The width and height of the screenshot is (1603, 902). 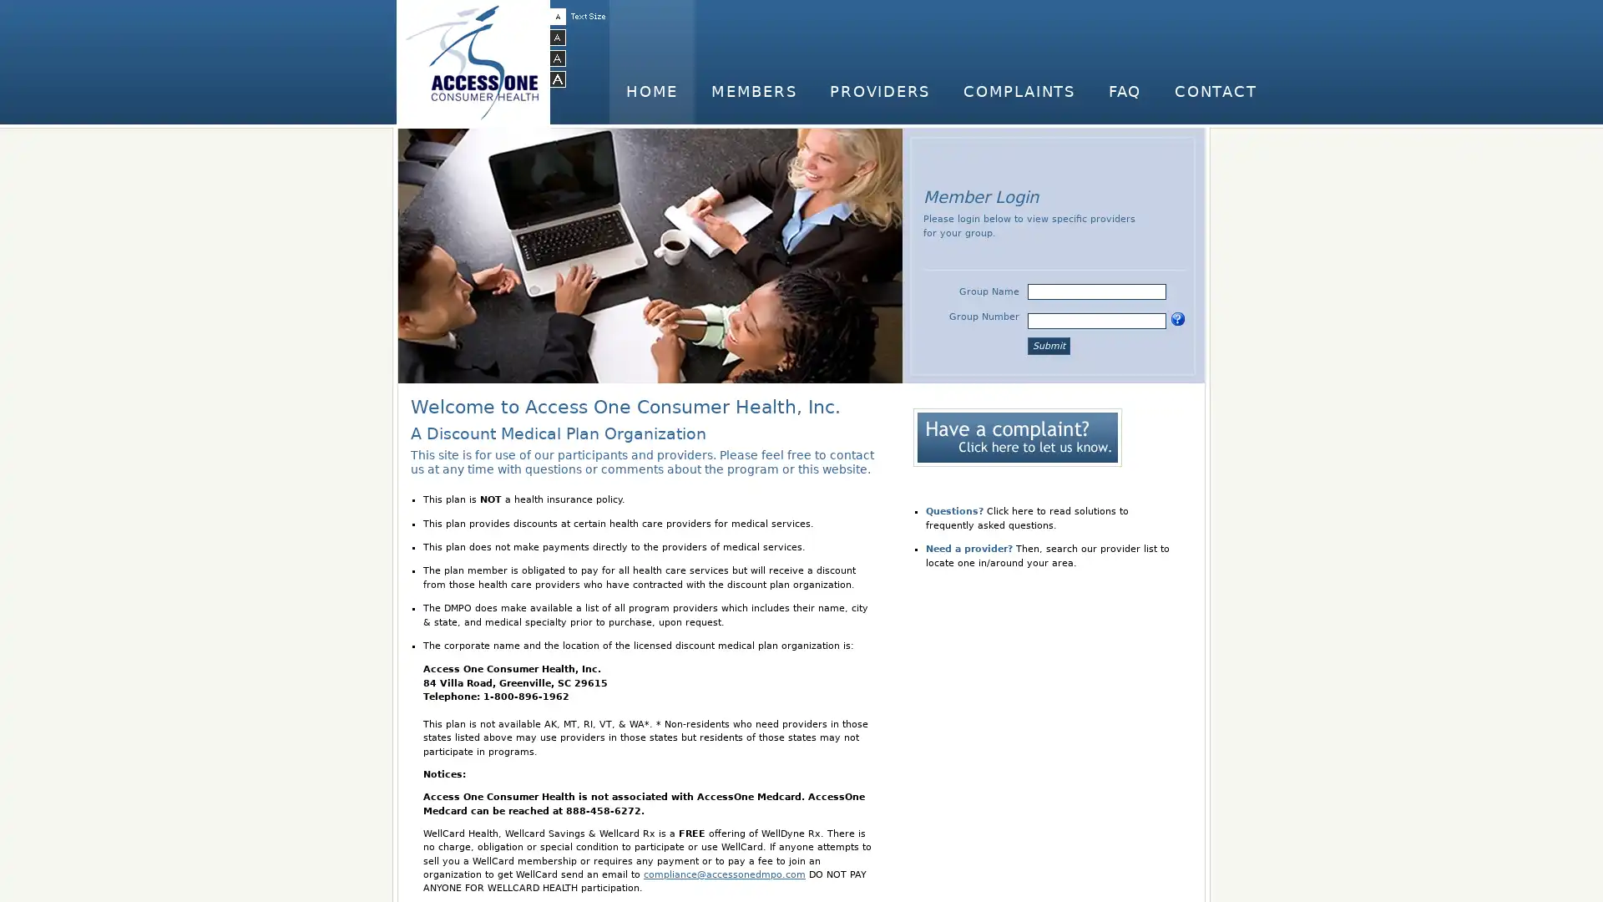 I want to click on Submit, so click(x=1048, y=344).